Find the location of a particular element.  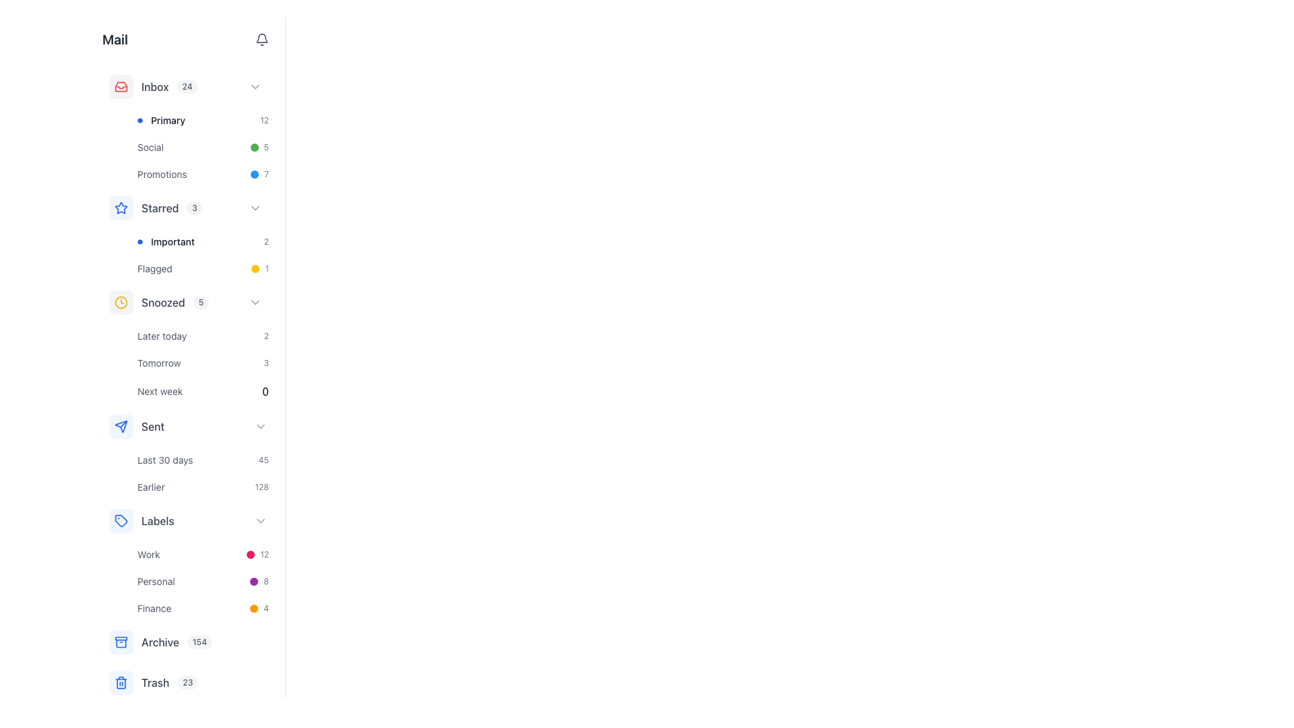

the arrow icon to the right of the 'Inbox 24' label is located at coordinates (255, 86).